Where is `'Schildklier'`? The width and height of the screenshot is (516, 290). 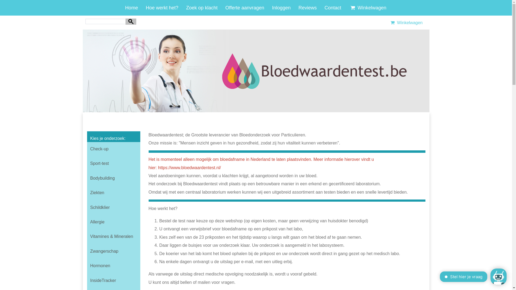
'Schildklier' is located at coordinates (113, 207).